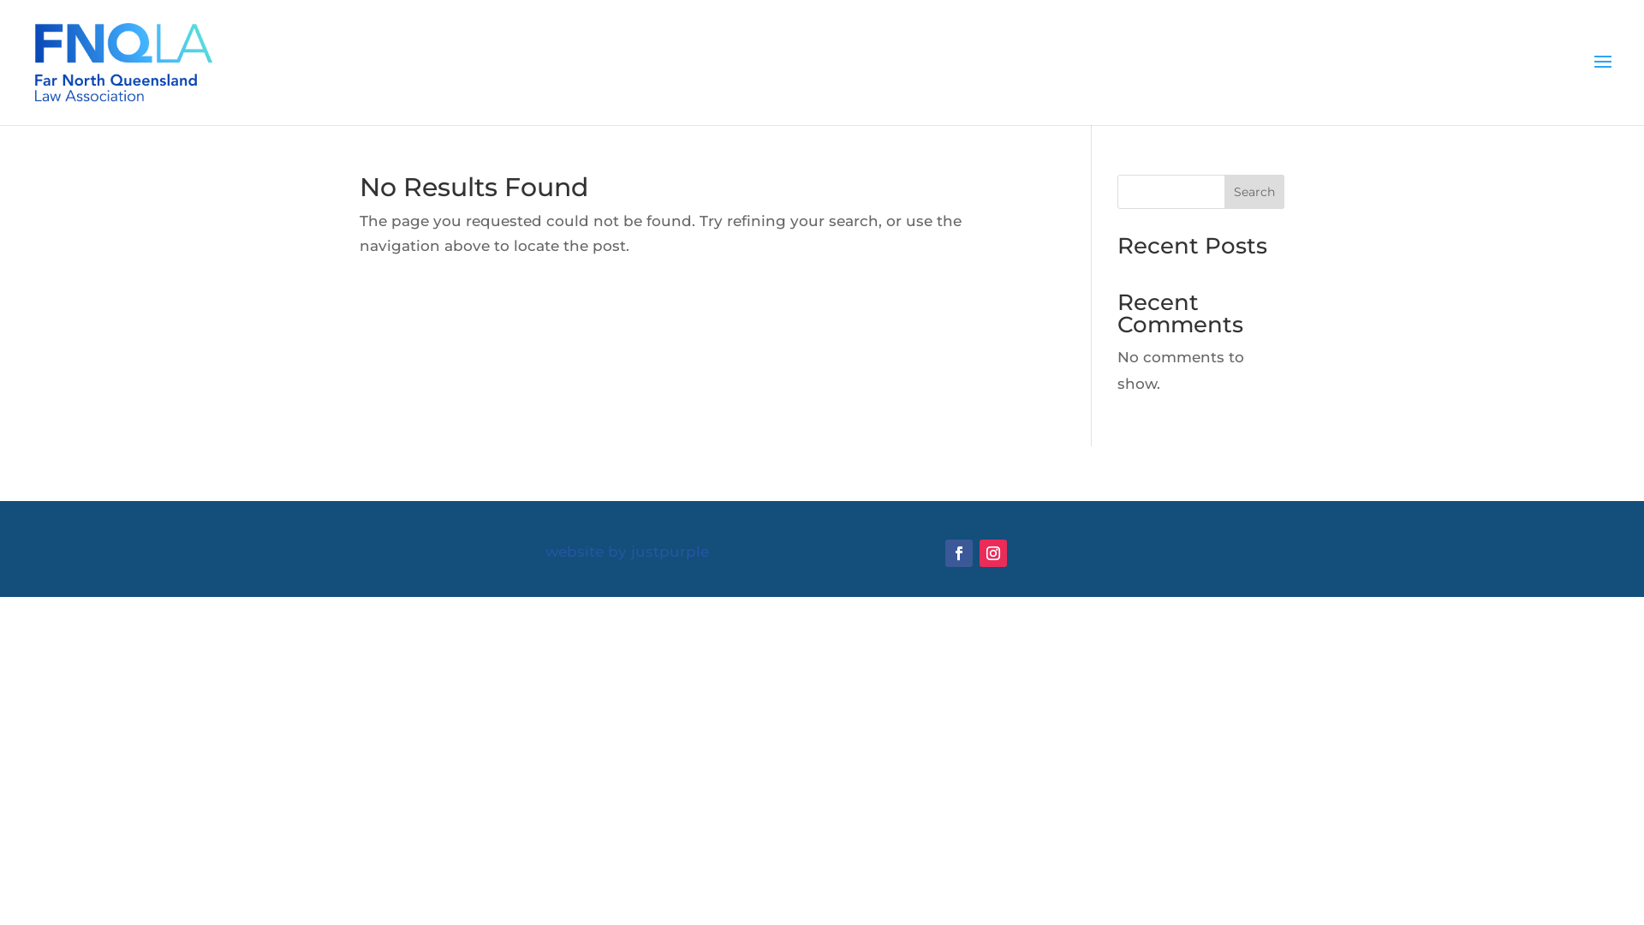 The height and width of the screenshot is (925, 1644). I want to click on 'Search', so click(1254, 191).